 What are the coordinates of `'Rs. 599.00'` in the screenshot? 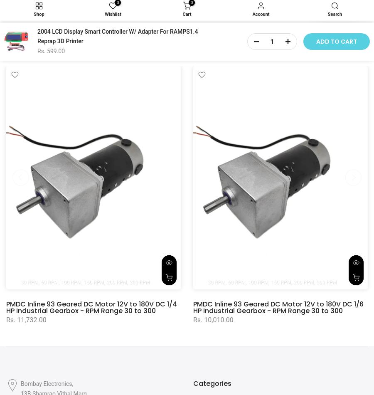 It's located at (51, 51).